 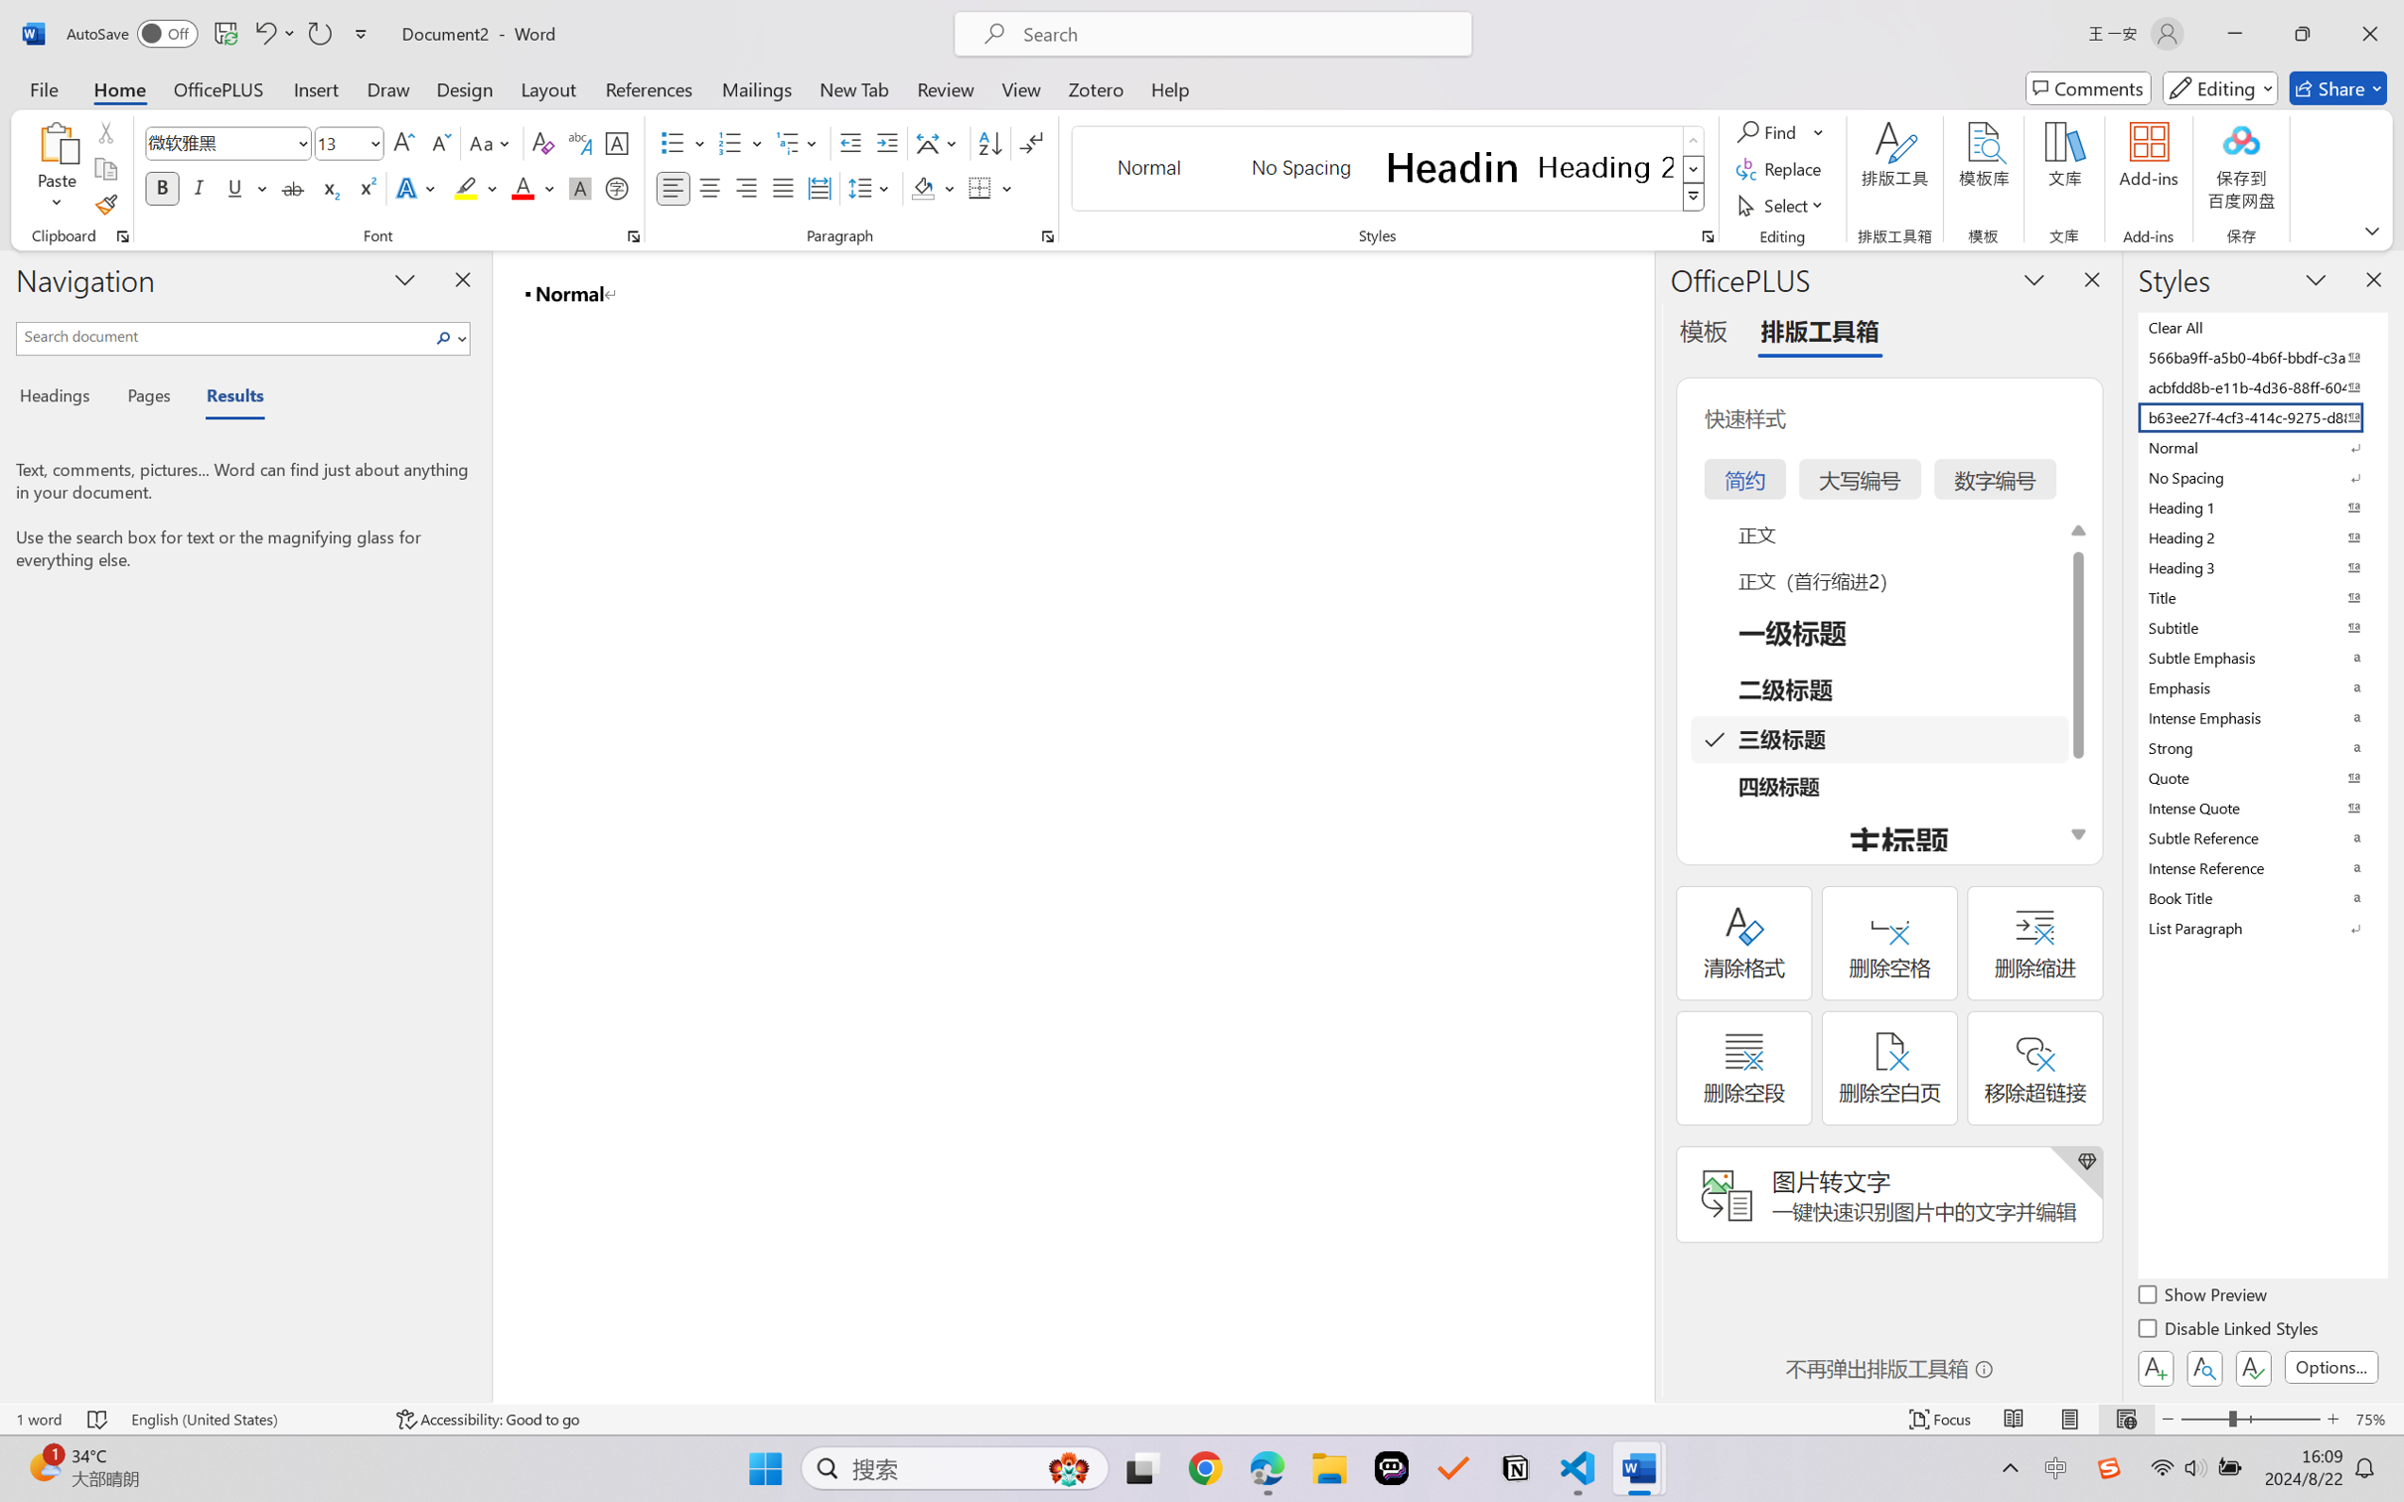 I want to click on 'Intense Quote', so click(x=2260, y=808).